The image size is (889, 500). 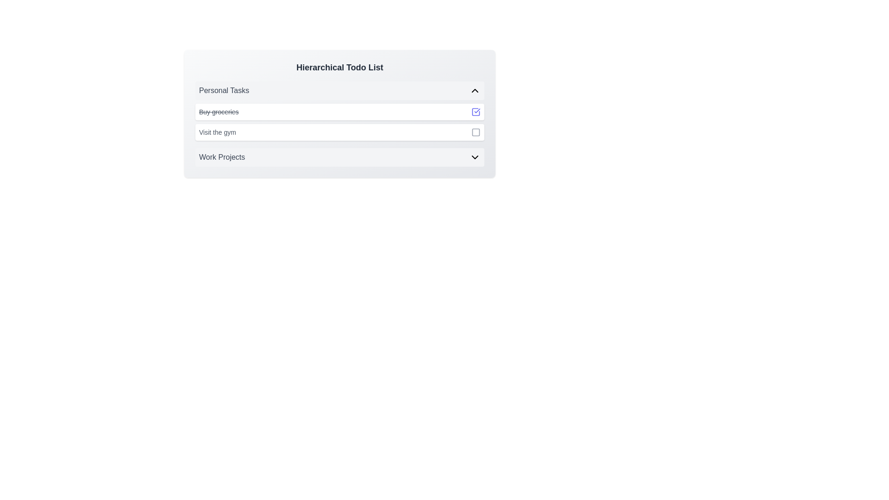 What do you see at coordinates (475, 156) in the screenshot?
I see `the downward-pointing chevron toggle button icon located at the far right of the 'Work Projects' row for potential visual feedback` at bounding box center [475, 156].